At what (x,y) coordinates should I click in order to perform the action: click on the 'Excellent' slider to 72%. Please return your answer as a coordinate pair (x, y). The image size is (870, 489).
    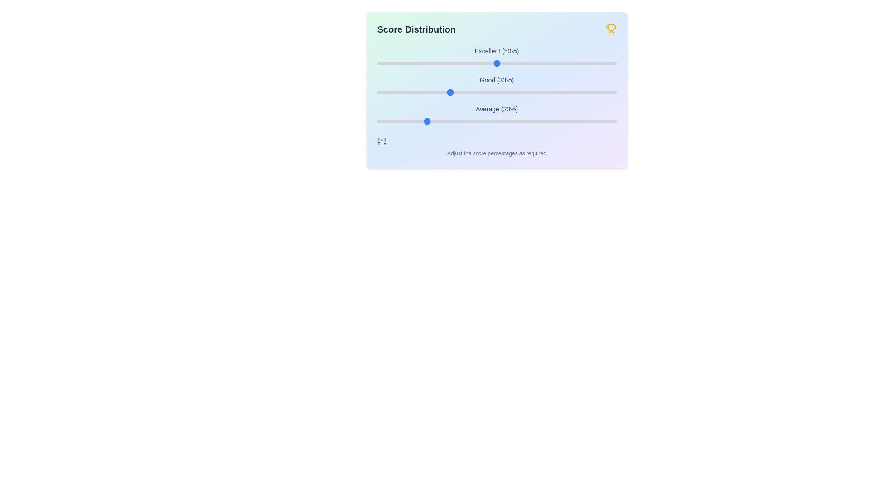
    Looking at the image, I should click on (549, 62).